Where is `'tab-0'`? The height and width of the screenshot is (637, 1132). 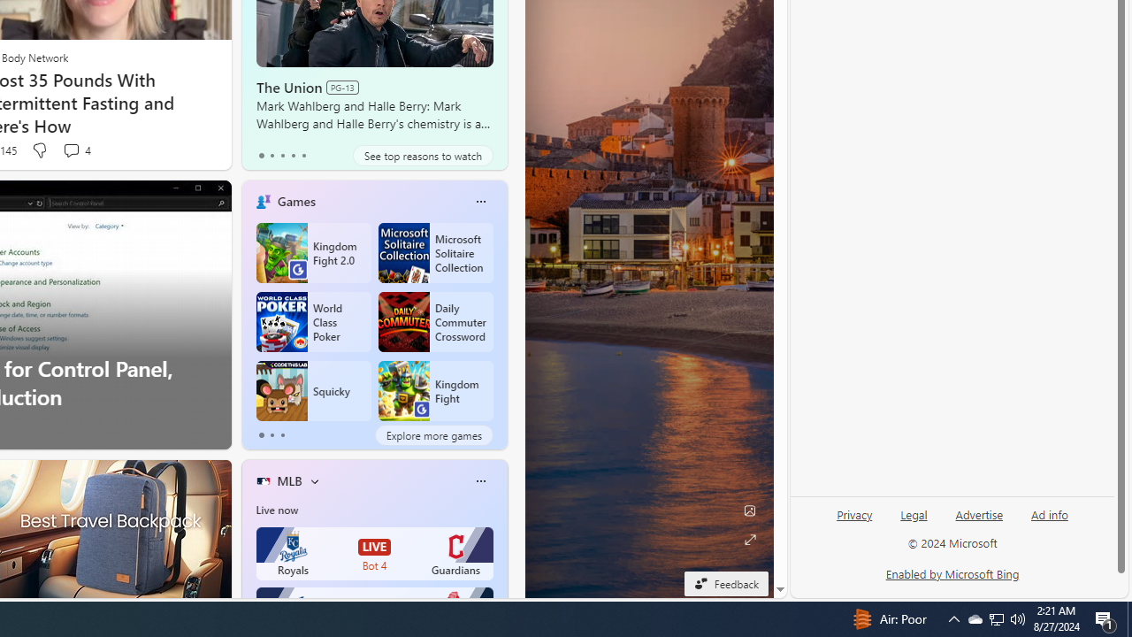 'tab-0' is located at coordinates (260, 435).